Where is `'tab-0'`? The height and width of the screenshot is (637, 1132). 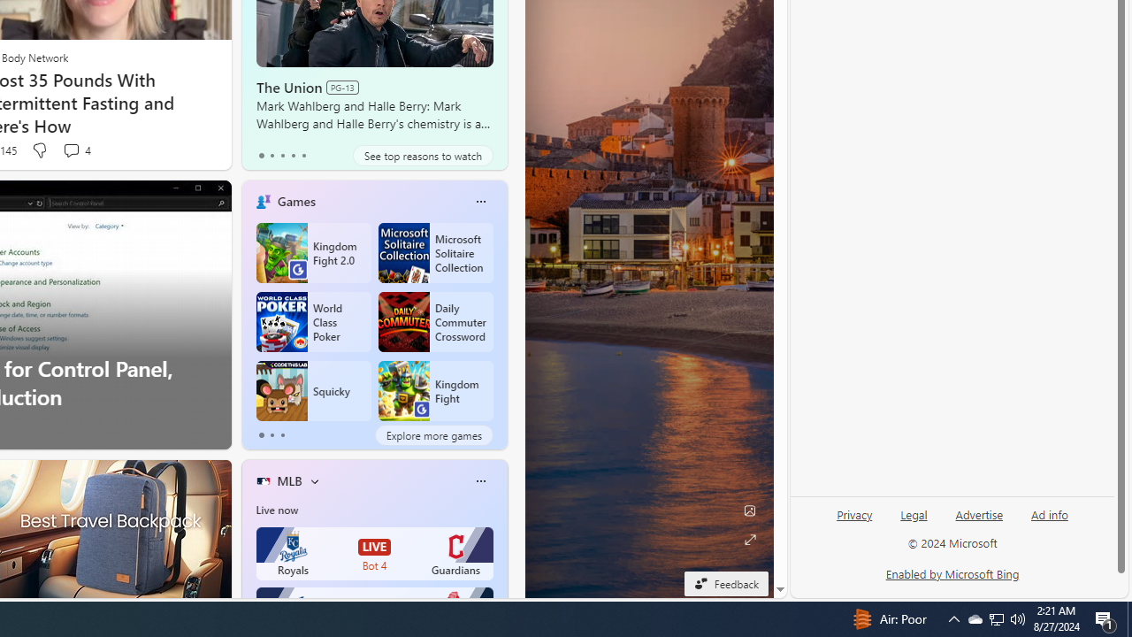 'tab-0' is located at coordinates (260, 435).